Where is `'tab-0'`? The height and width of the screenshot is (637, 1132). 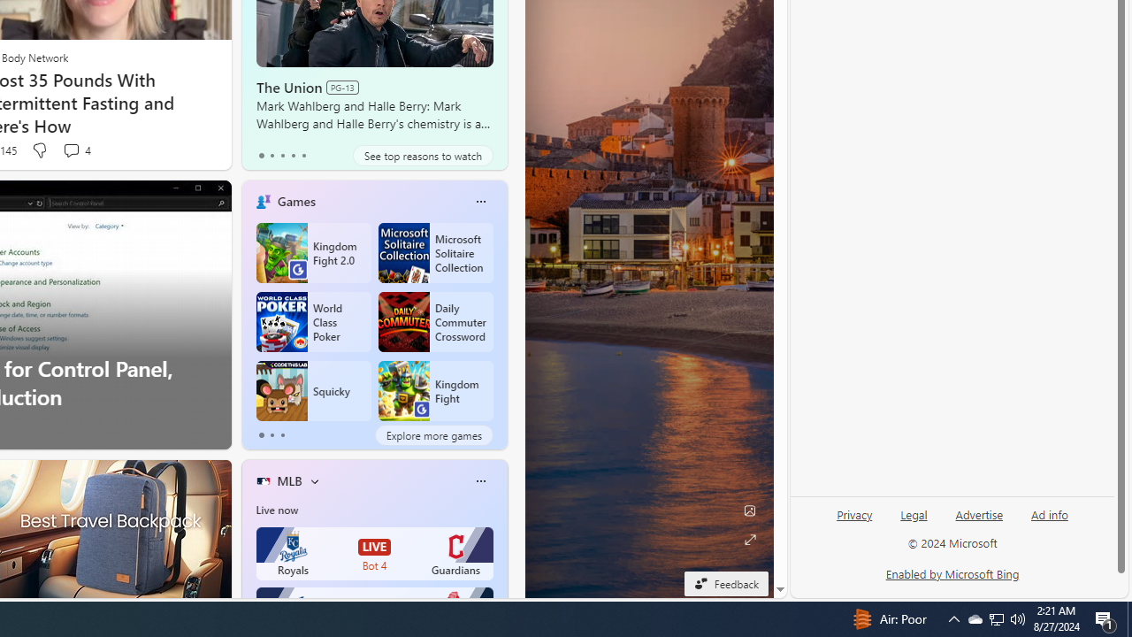 'tab-0' is located at coordinates (260, 435).